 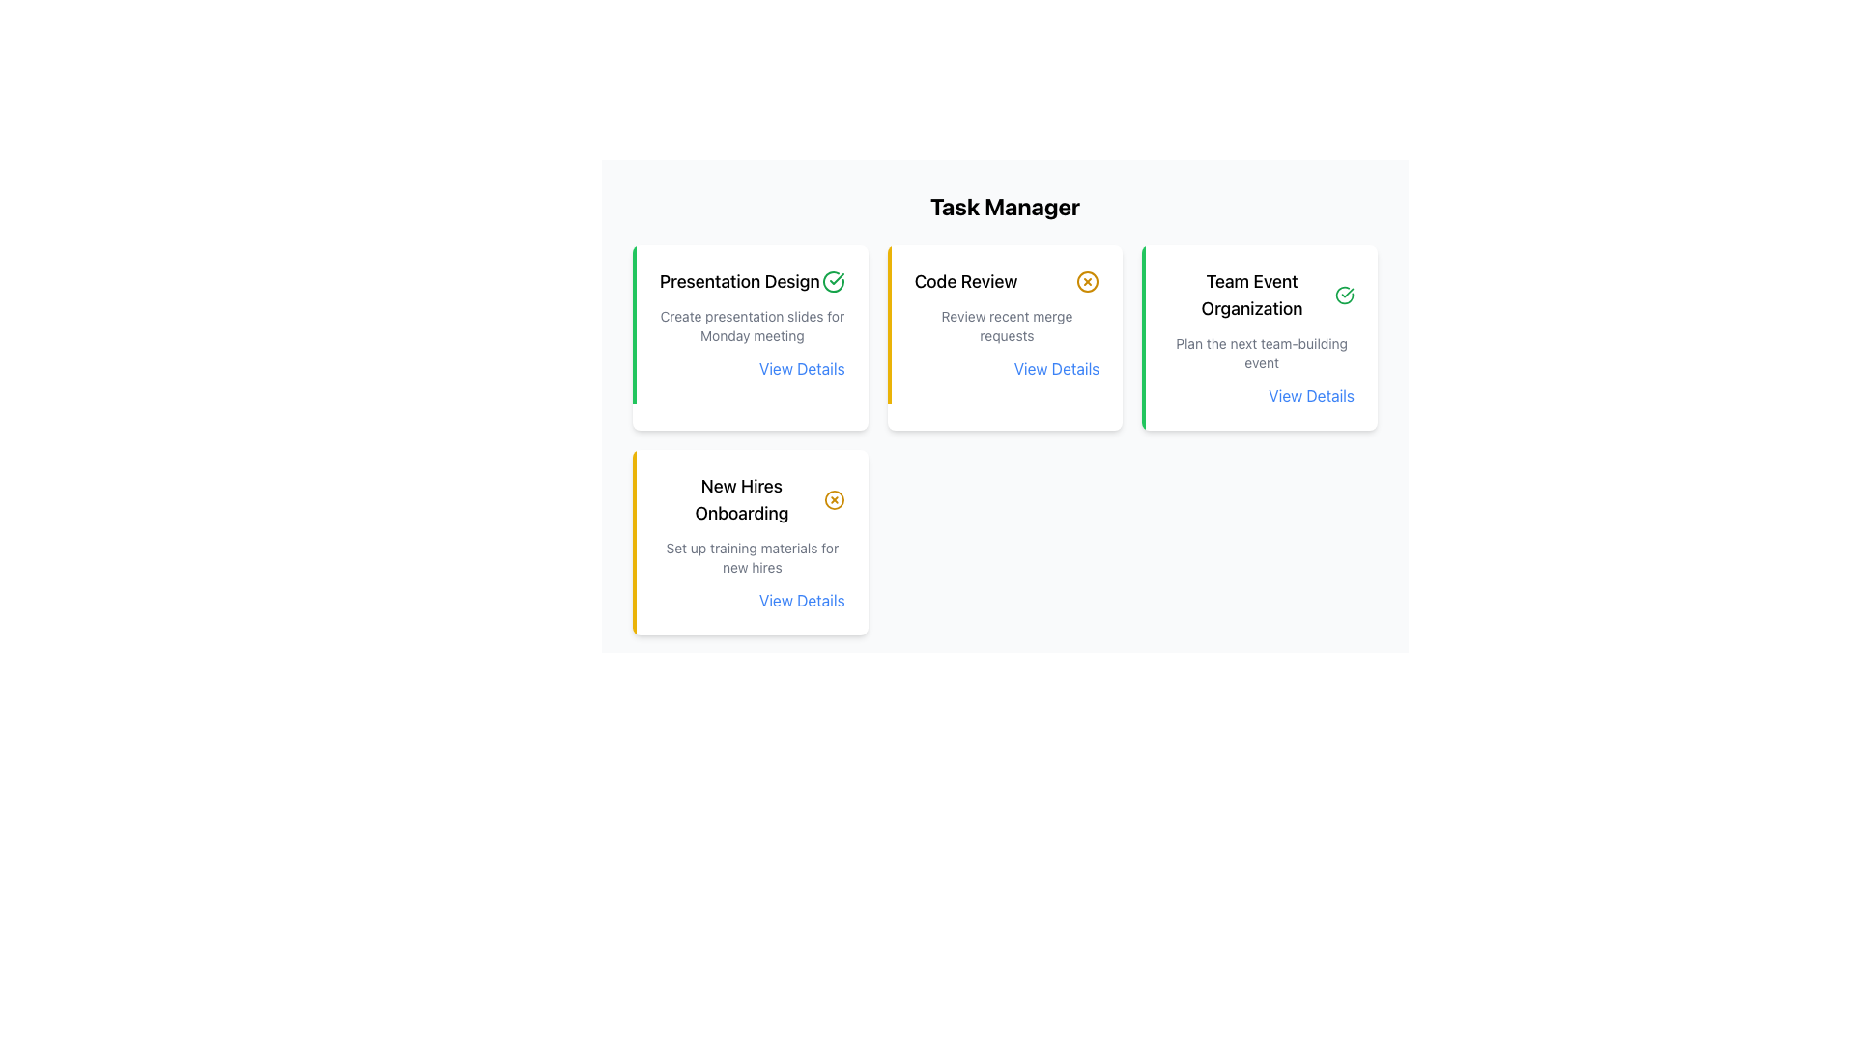 What do you see at coordinates (834, 498) in the screenshot?
I see `the border of the circle SVG graphic element that indicates a cancel status associated with the 'New Hires Onboarding' card, located in the lower-right corner of the card` at bounding box center [834, 498].